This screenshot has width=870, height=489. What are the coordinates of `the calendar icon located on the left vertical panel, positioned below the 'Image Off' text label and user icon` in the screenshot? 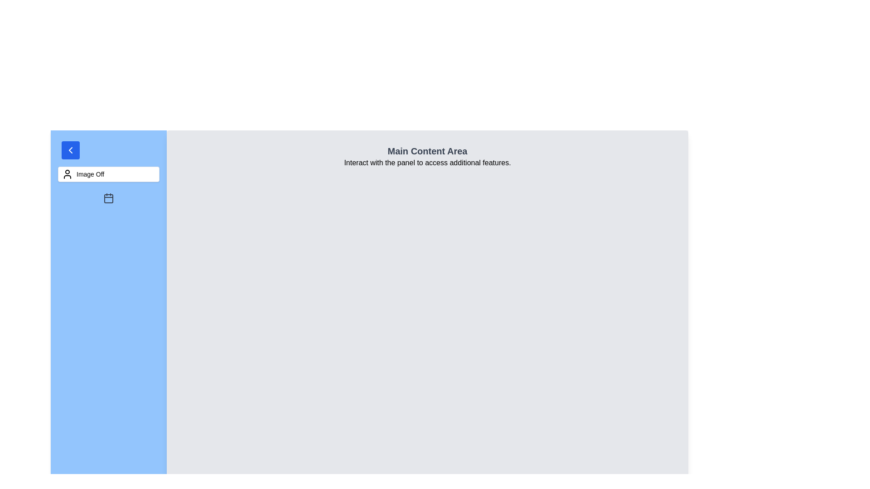 It's located at (109, 198).